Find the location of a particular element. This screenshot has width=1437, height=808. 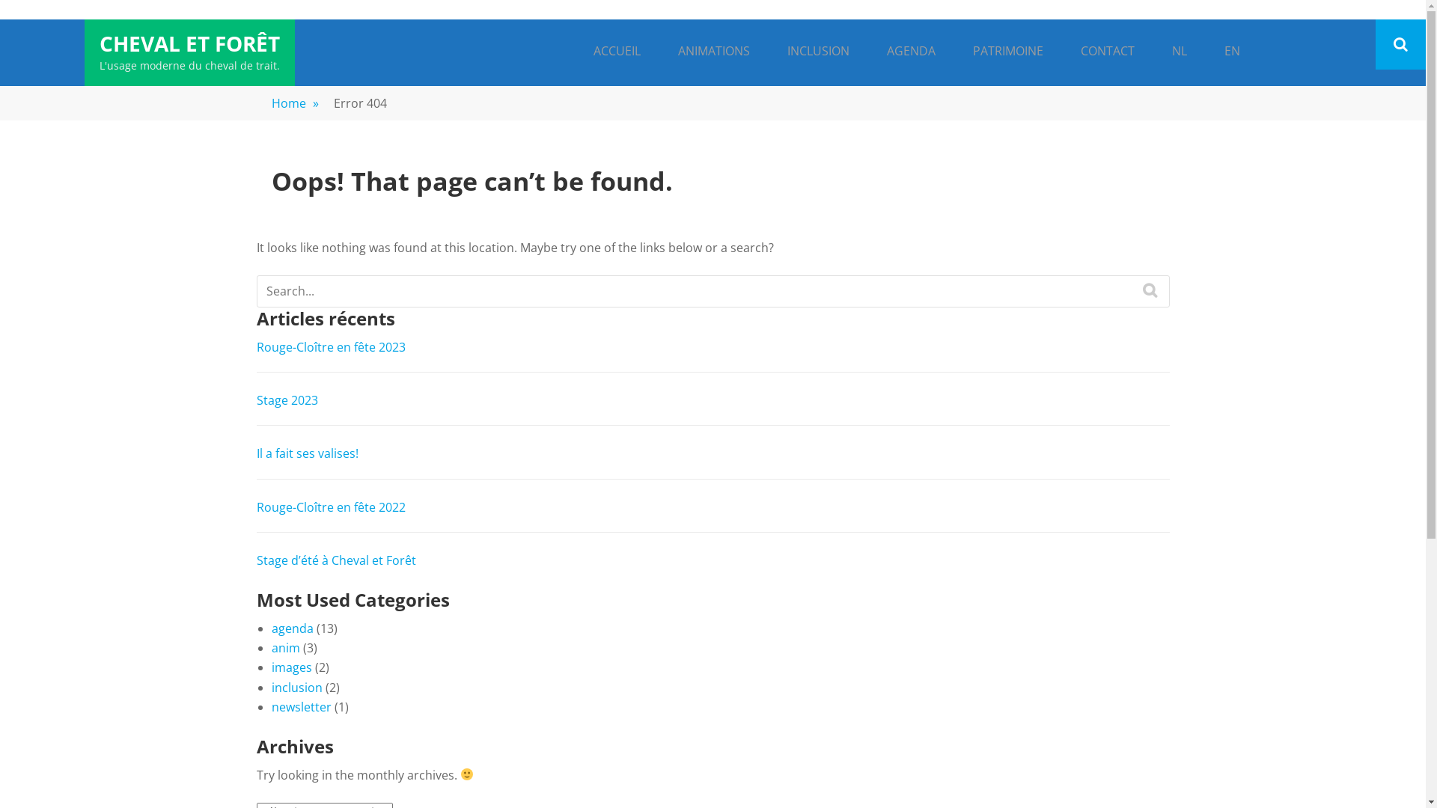

'PATRIMOINE' is located at coordinates (1007, 51).